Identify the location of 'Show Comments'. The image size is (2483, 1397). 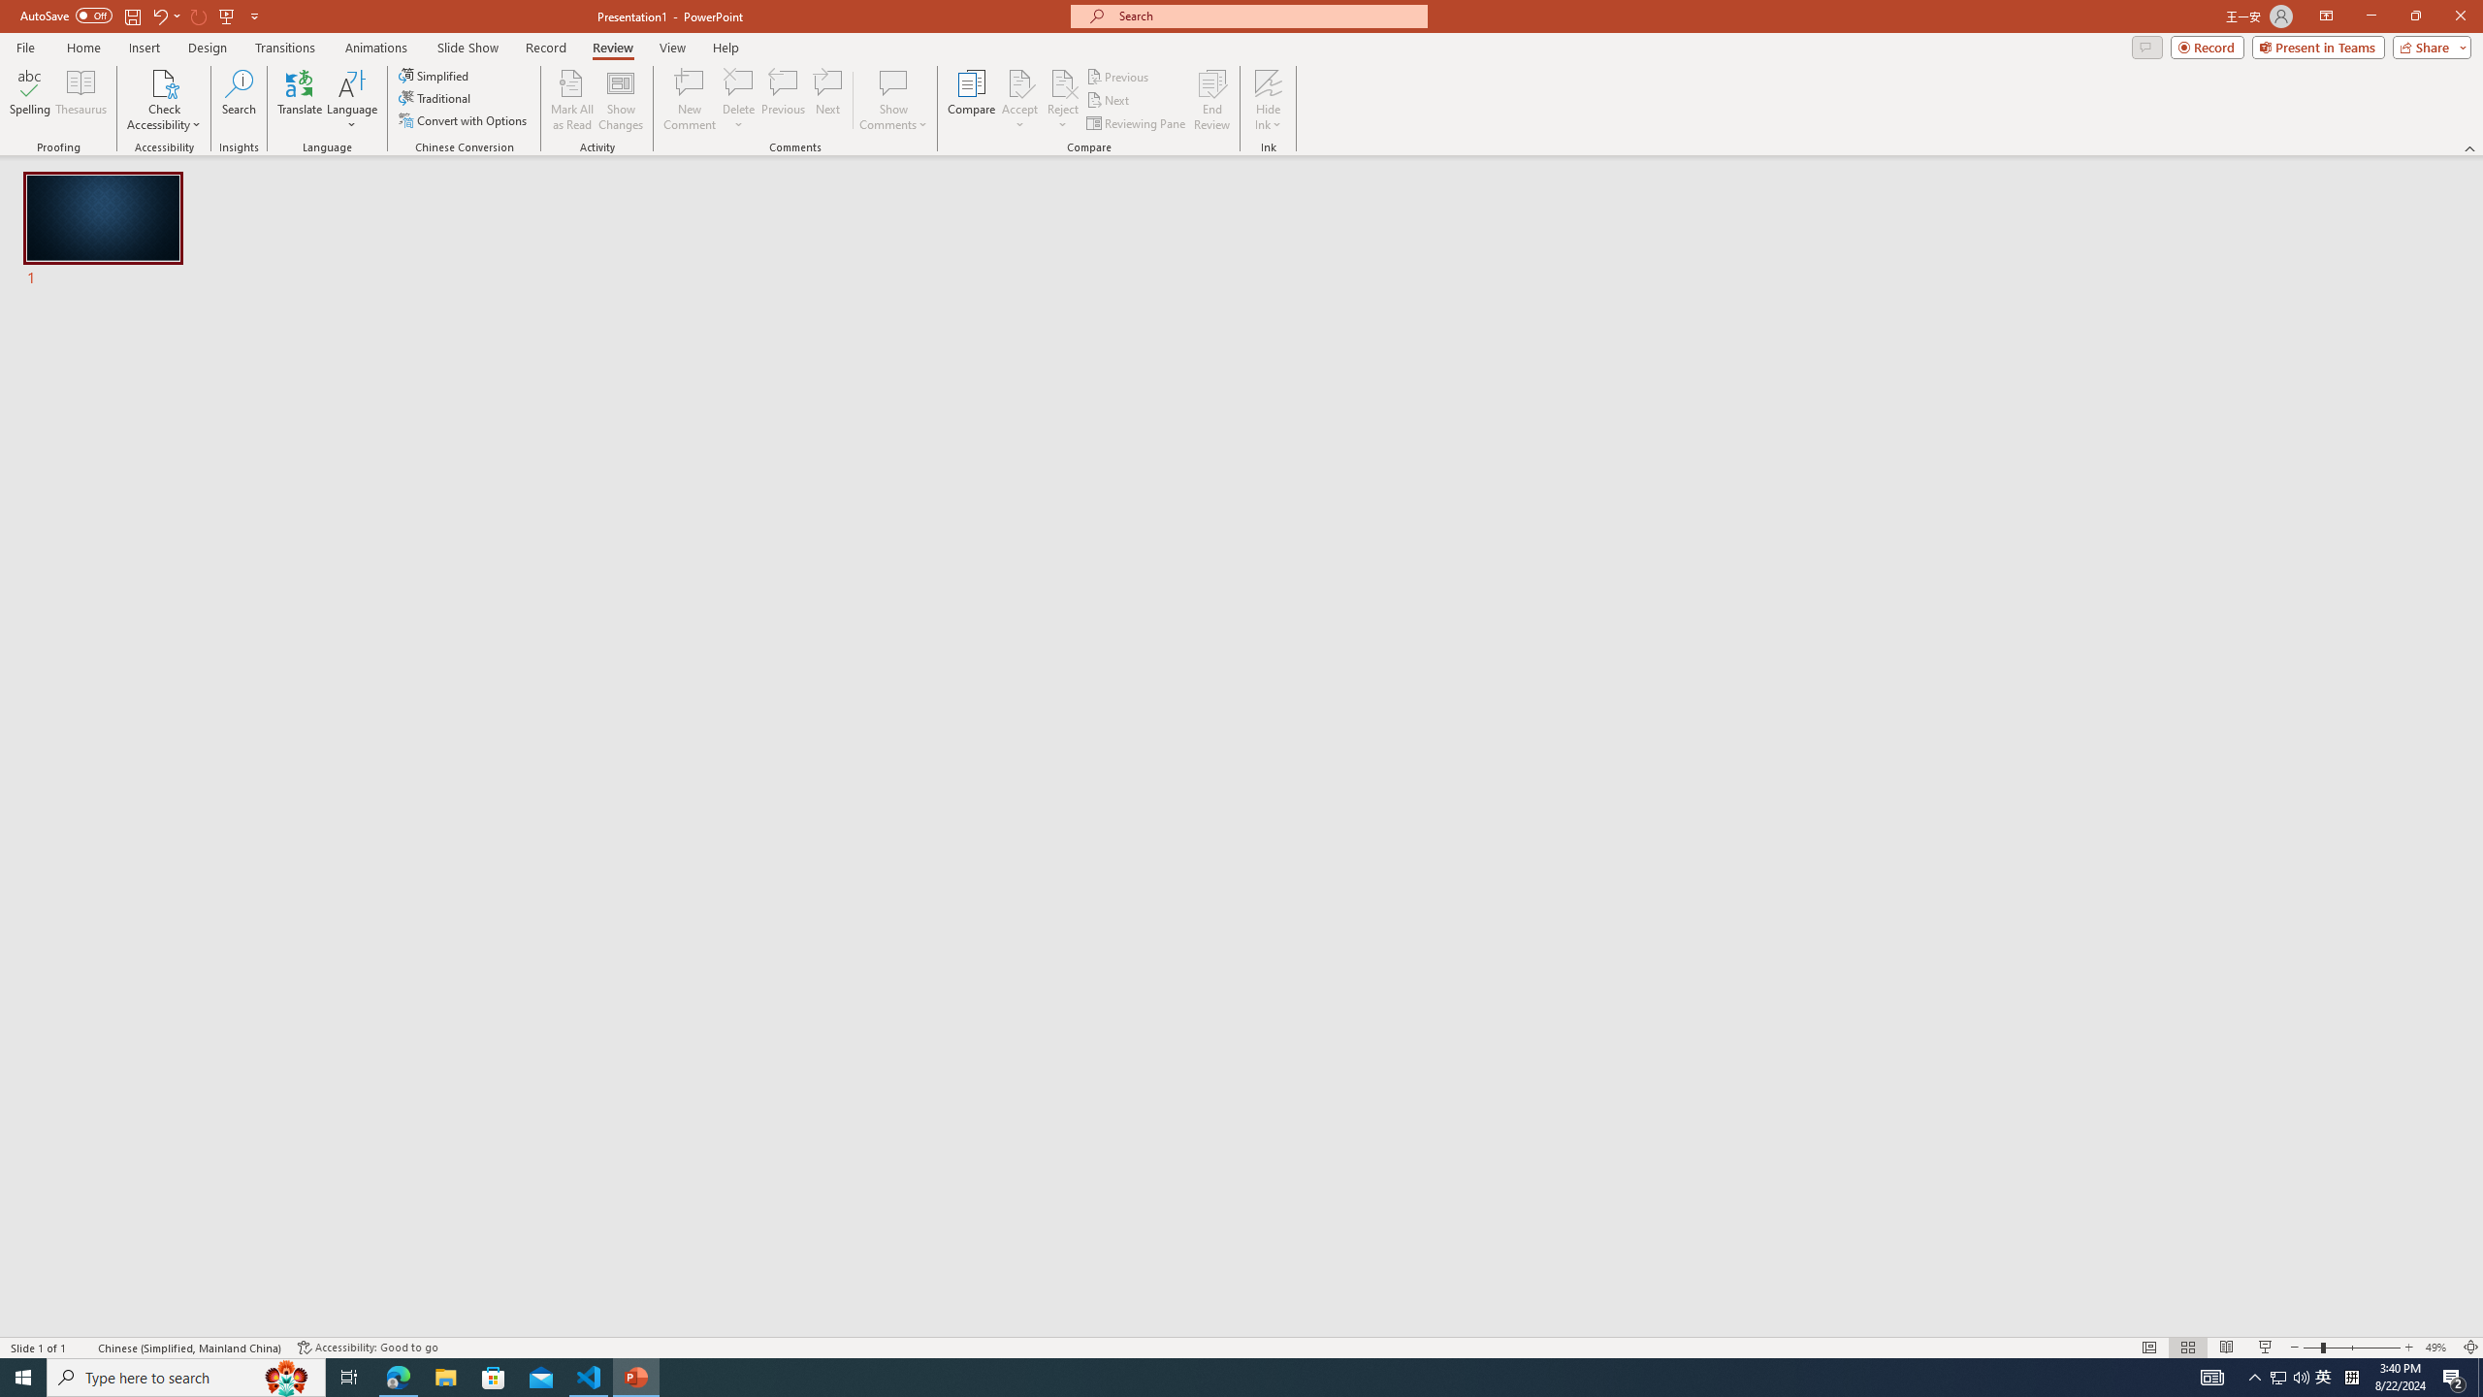
(893, 81).